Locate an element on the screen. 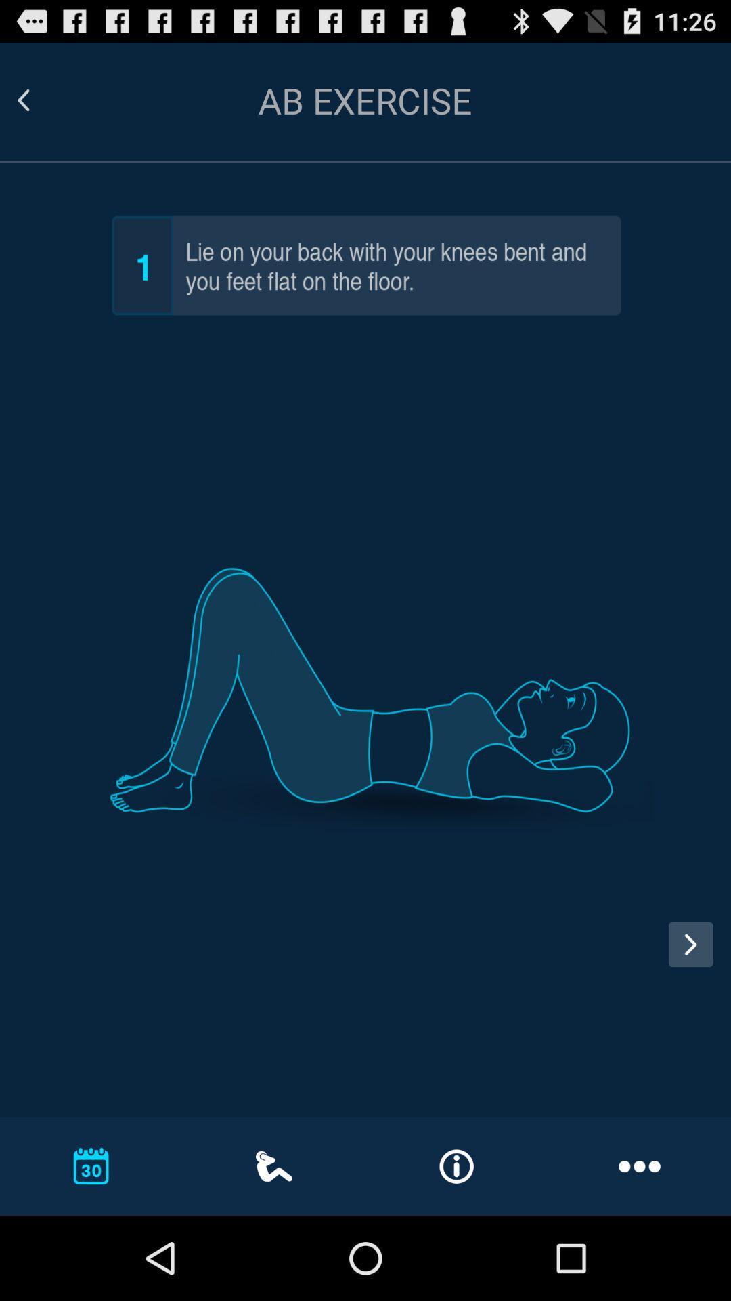  next step is located at coordinates (695, 956).